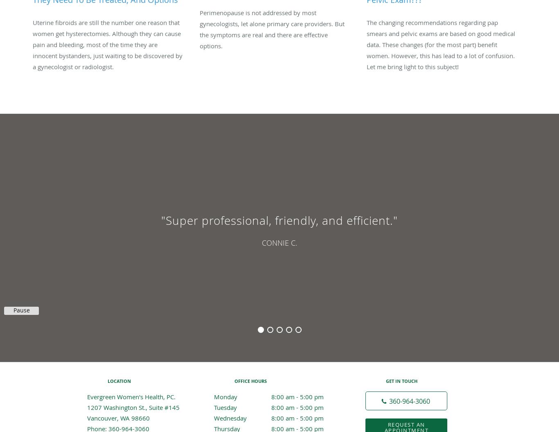 This screenshot has height=432, width=559. What do you see at coordinates (225, 396) in the screenshot?
I see `'Monday'` at bounding box center [225, 396].